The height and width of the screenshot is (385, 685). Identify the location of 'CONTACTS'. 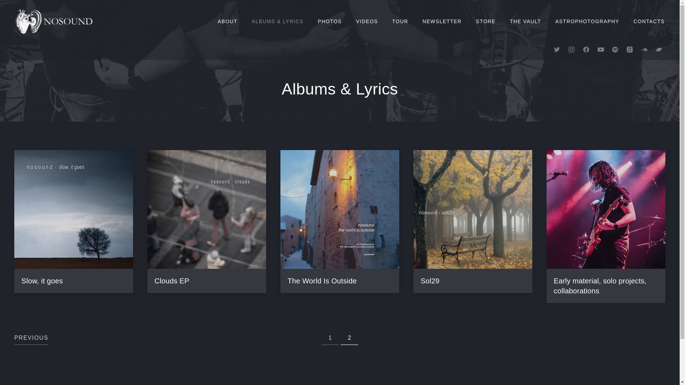
(626, 21).